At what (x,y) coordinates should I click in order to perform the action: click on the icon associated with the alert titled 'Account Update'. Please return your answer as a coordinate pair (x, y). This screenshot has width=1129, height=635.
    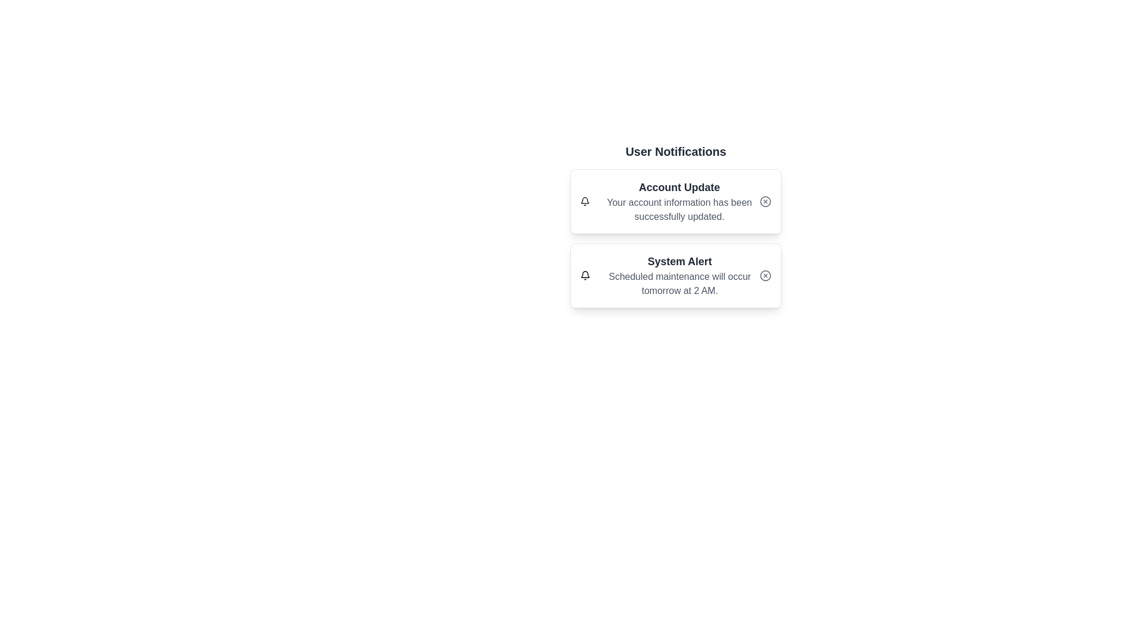
    Looking at the image, I should click on (585, 201).